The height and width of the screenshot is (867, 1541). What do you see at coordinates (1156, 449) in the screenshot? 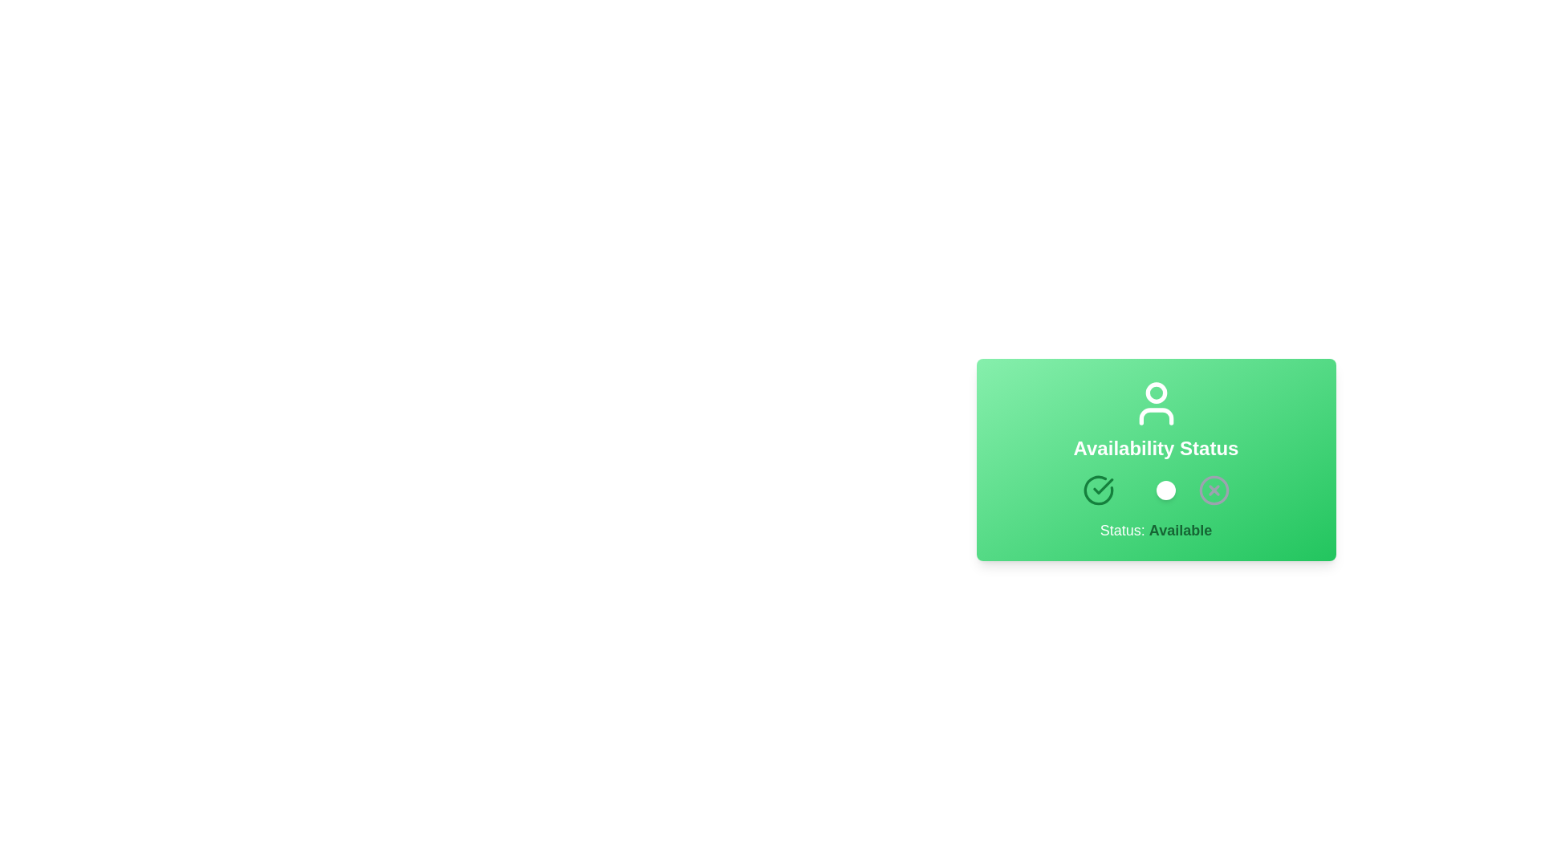
I see `the static textual label displaying 'Availability Status', which is styled in bold and large white font against a green gradient background, located below a user silhouette icon` at bounding box center [1156, 449].